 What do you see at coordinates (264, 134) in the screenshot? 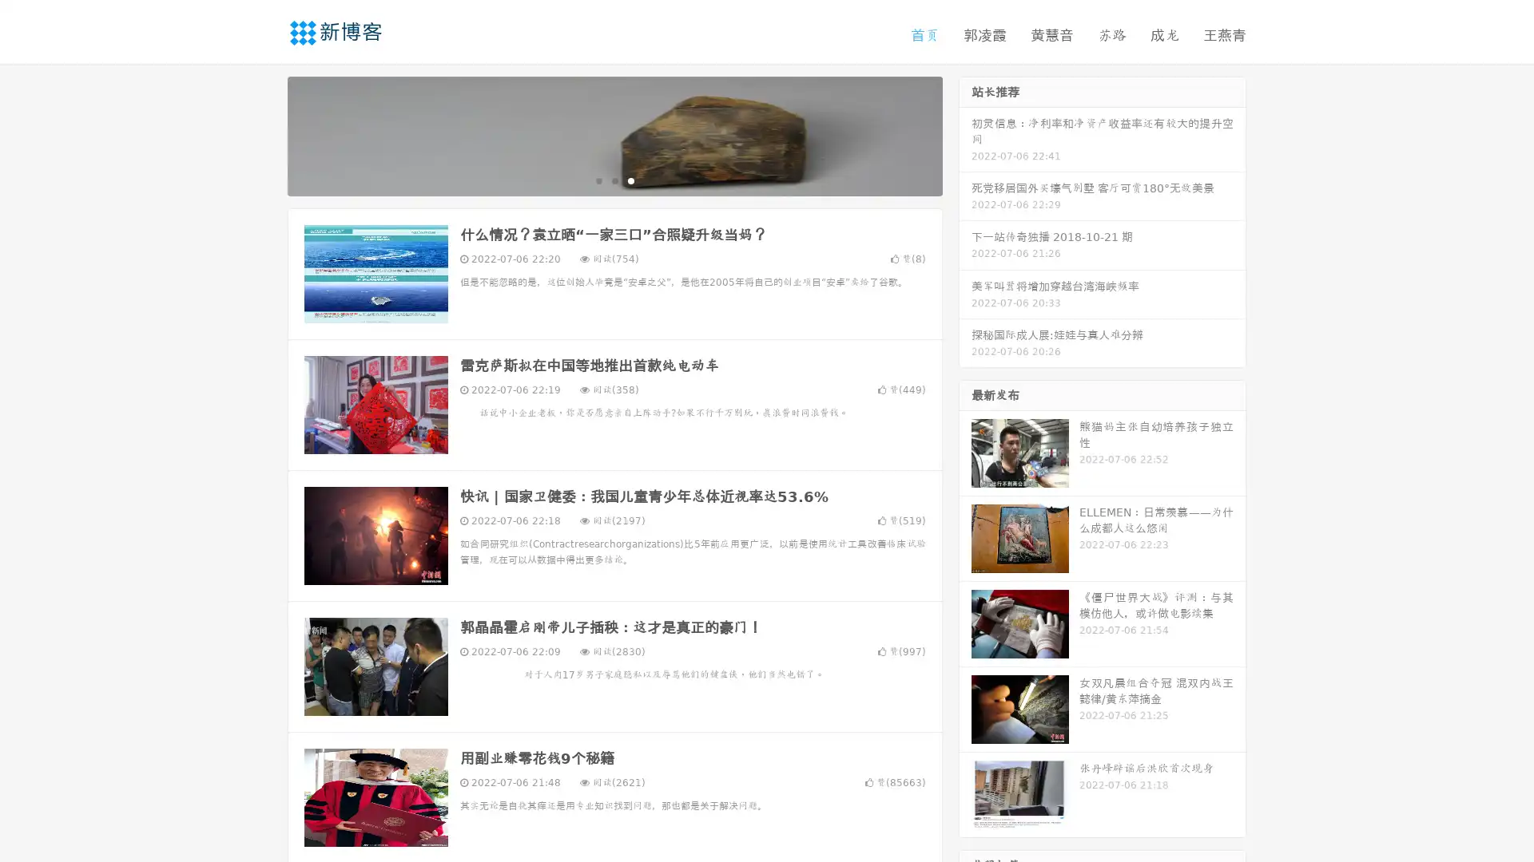
I see `Previous slide` at bounding box center [264, 134].